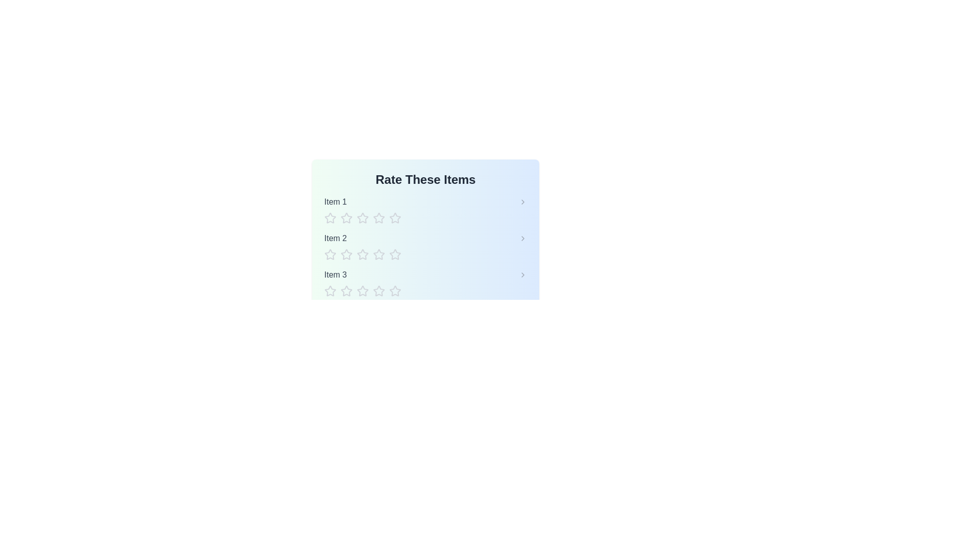 The image size is (973, 547). Describe the element at coordinates (330, 291) in the screenshot. I see `the star corresponding to the rating 1 for item Item 3` at that location.